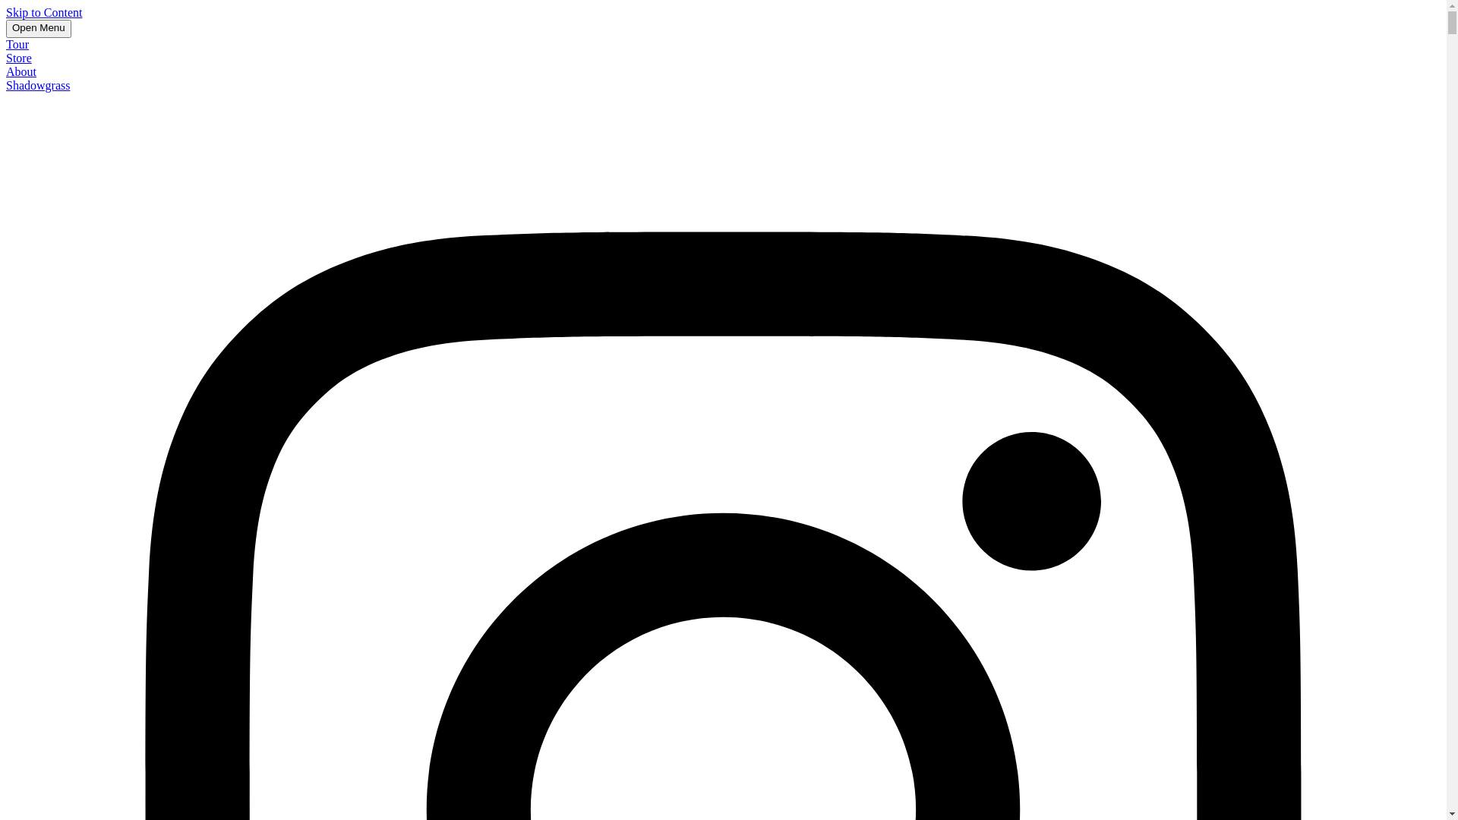 The width and height of the screenshot is (1458, 820). What do you see at coordinates (43, 12) in the screenshot?
I see `'Skip to Content'` at bounding box center [43, 12].